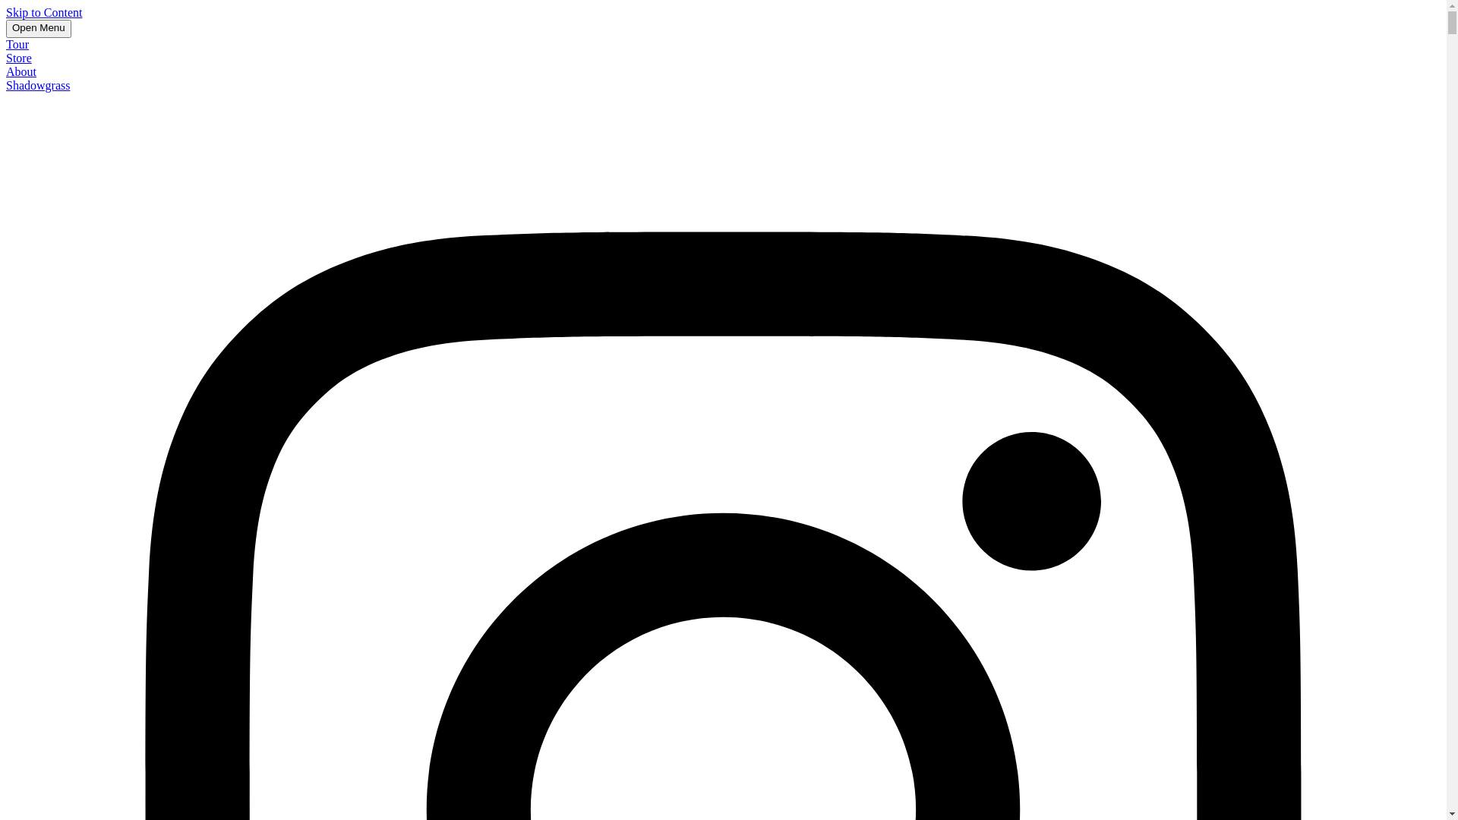 The width and height of the screenshot is (1458, 820). What do you see at coordinates (43, 12) in the screenshot?
I see `'Skip to Content'` at bounding box center [43, 12].